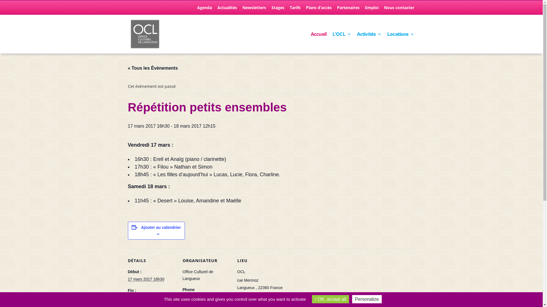  Describe the element at coordinates (289, 9) in the screenshot. I see `'Tarifs'` at that location.